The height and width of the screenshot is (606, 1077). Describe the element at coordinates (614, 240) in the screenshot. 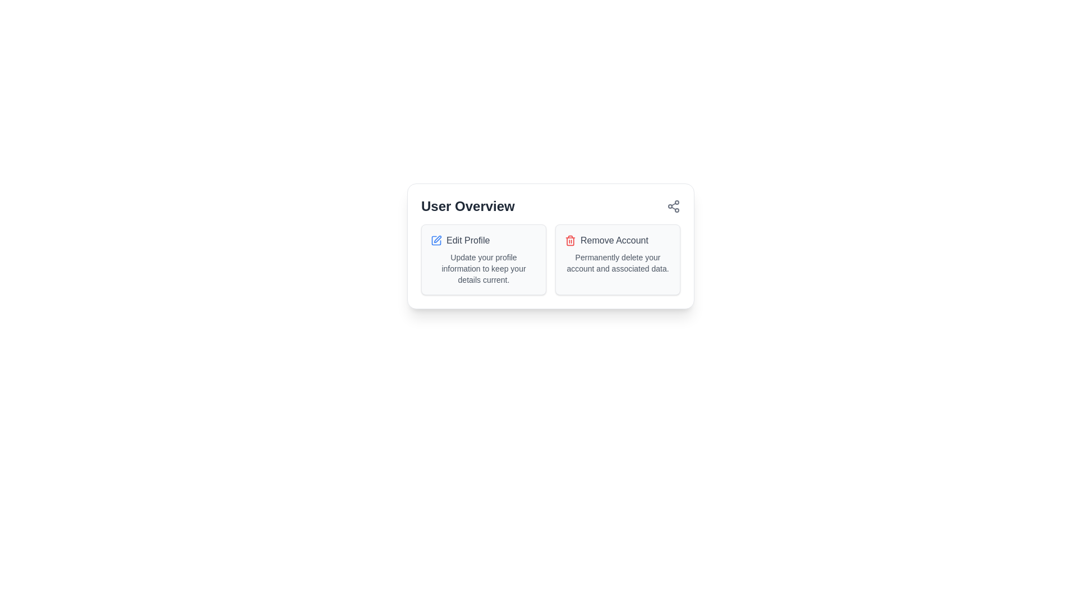

I see `the text label indicating the purpose of removing an account, located to the right of the trash can icon in the 'User Overview' panel` at that location.